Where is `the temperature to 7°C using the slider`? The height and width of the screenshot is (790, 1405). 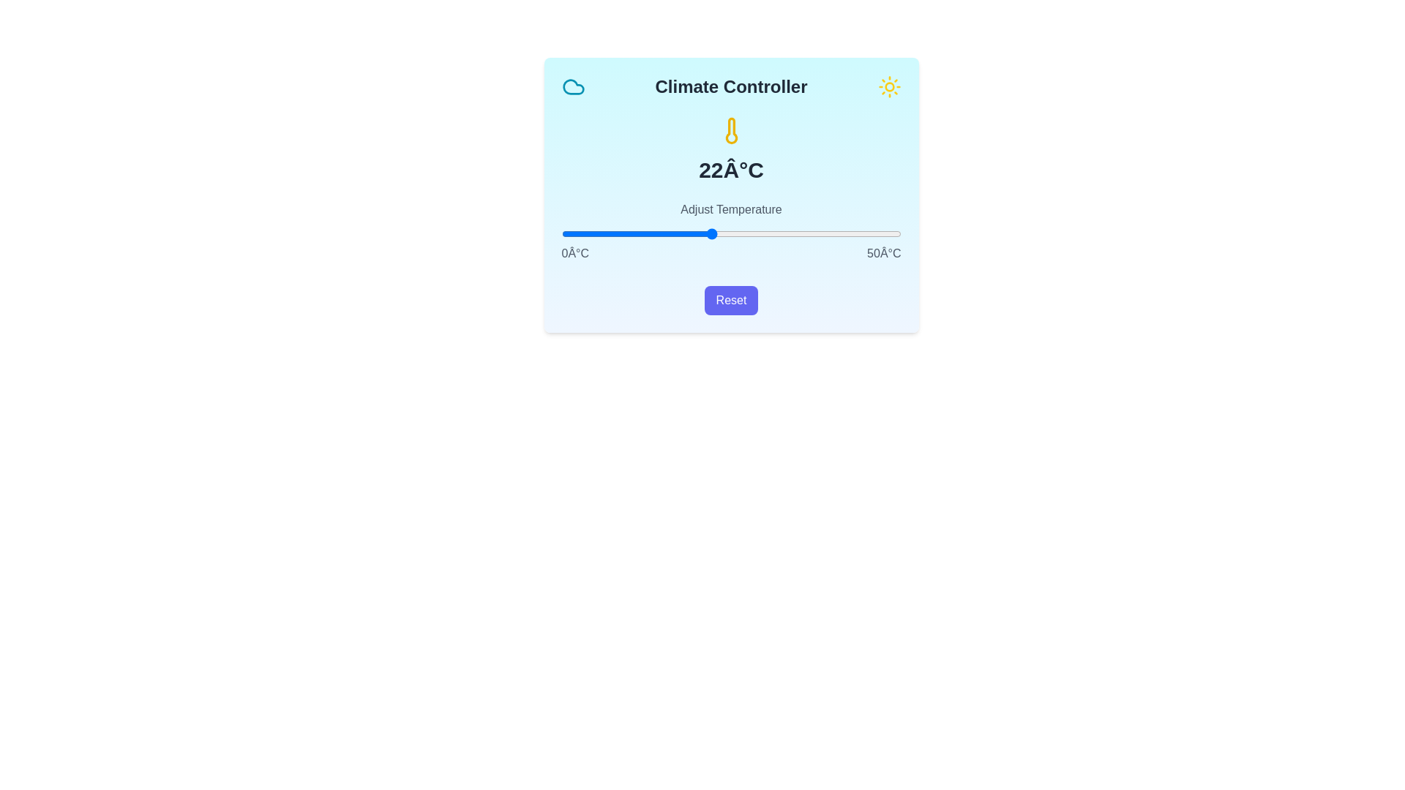
the temperature to 7°C using the slider is located at coordinates (609, 233).